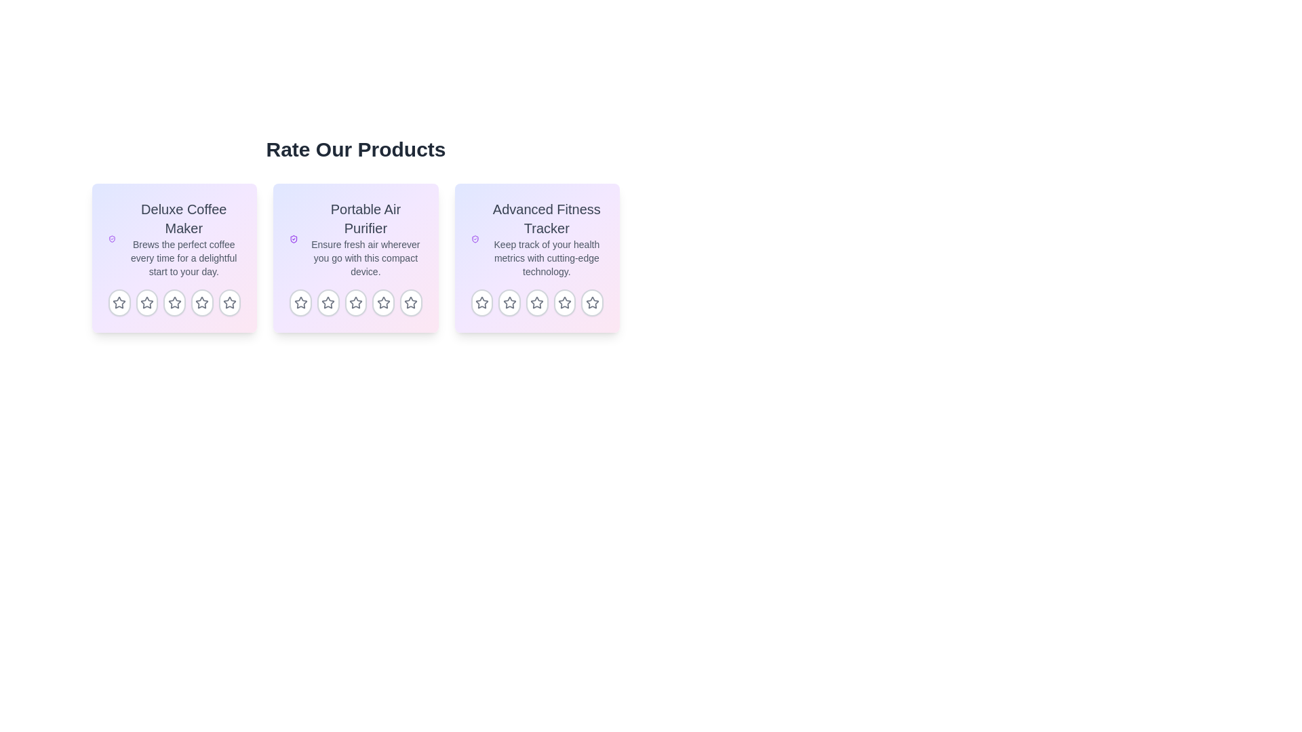 Image resolution: width=1302 pixels, height=732 pixels. Describe the element at coordinates (355, 239) in the screenshot. I see `the text label displaying 'Portable Air Purifier' which is part of the second product card in a horizontal list` at that location.